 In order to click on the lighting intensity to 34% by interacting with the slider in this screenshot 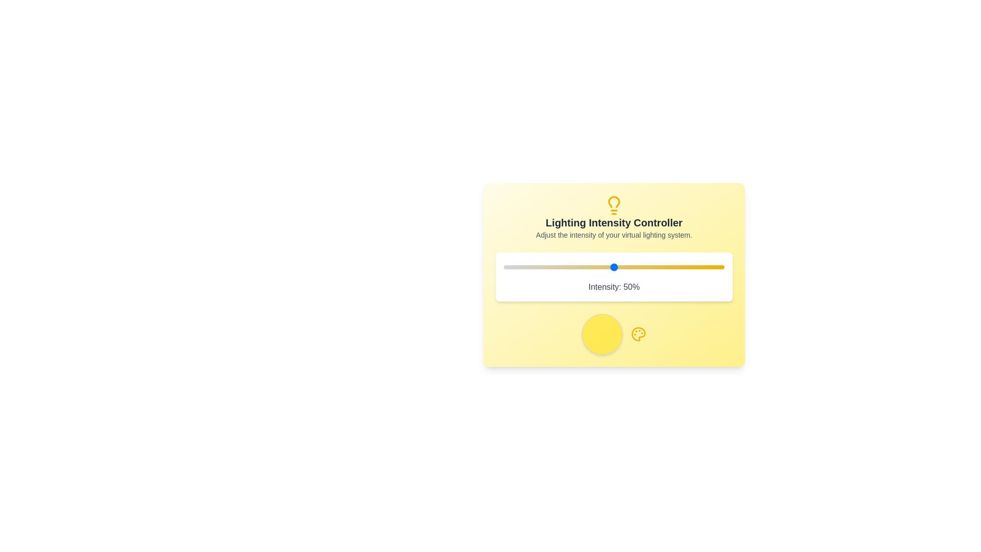, I will do `click(578, 267)`.